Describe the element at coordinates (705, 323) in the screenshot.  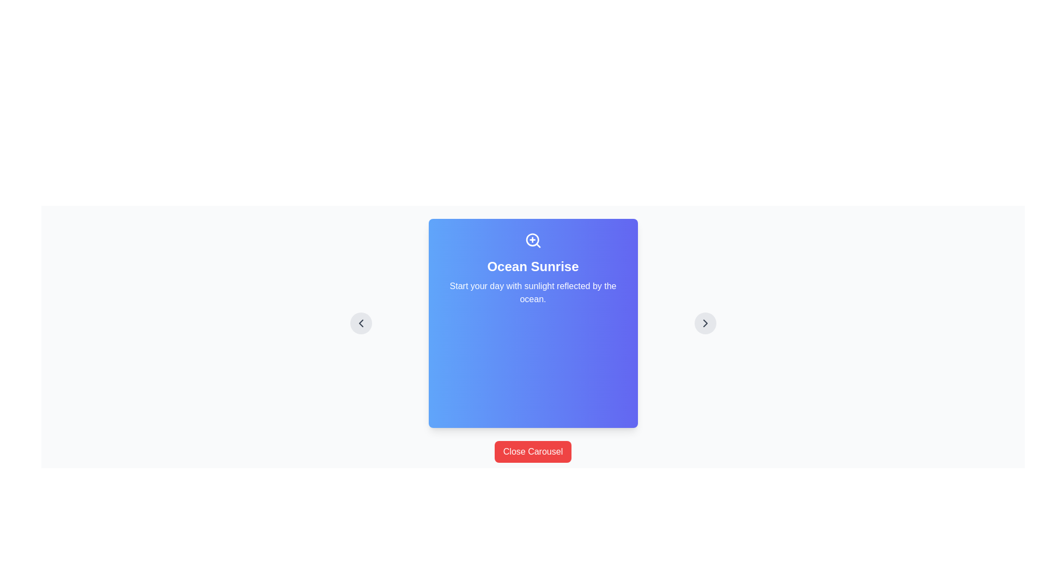
I see `the right-facing chevron icon button with a gray color and rounded corners` at that location.